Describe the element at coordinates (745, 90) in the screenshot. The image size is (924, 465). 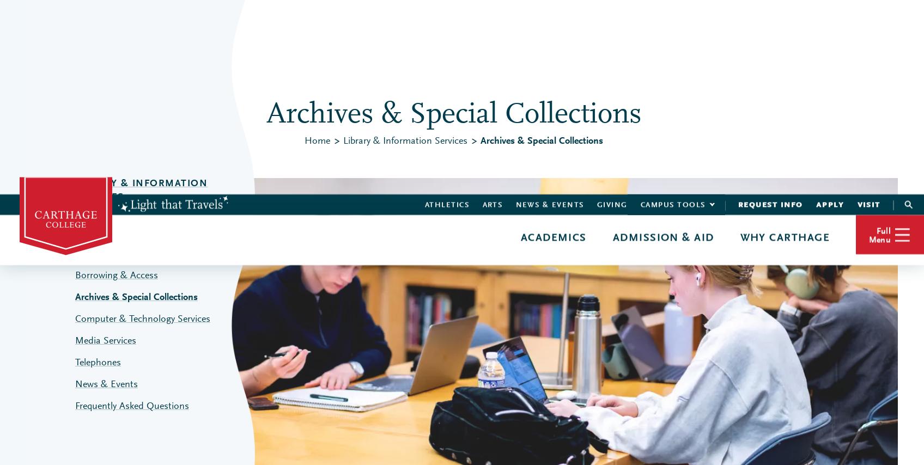
I see `'About'` at that location.